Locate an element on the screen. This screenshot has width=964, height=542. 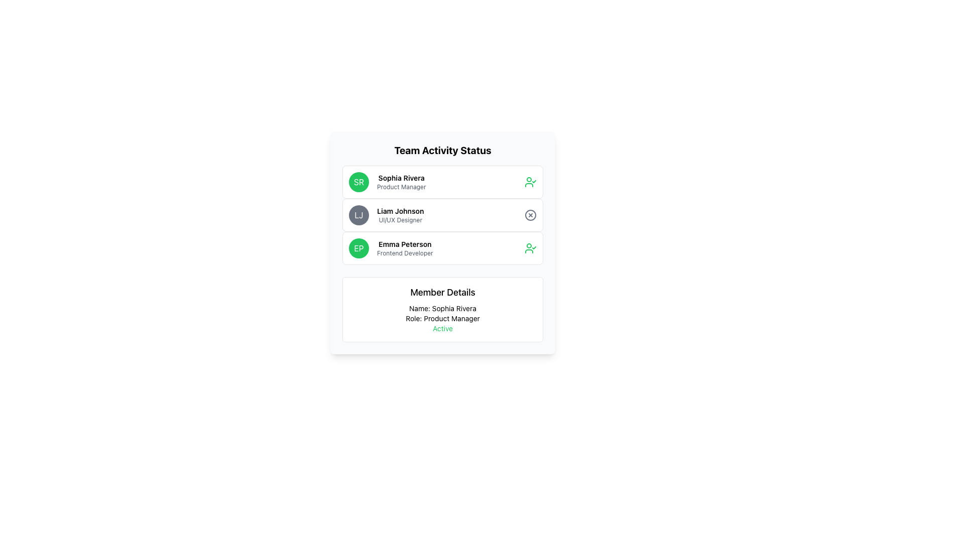
the green SVG icon representing a user with a checkmark is located at coordinates (530, 182).